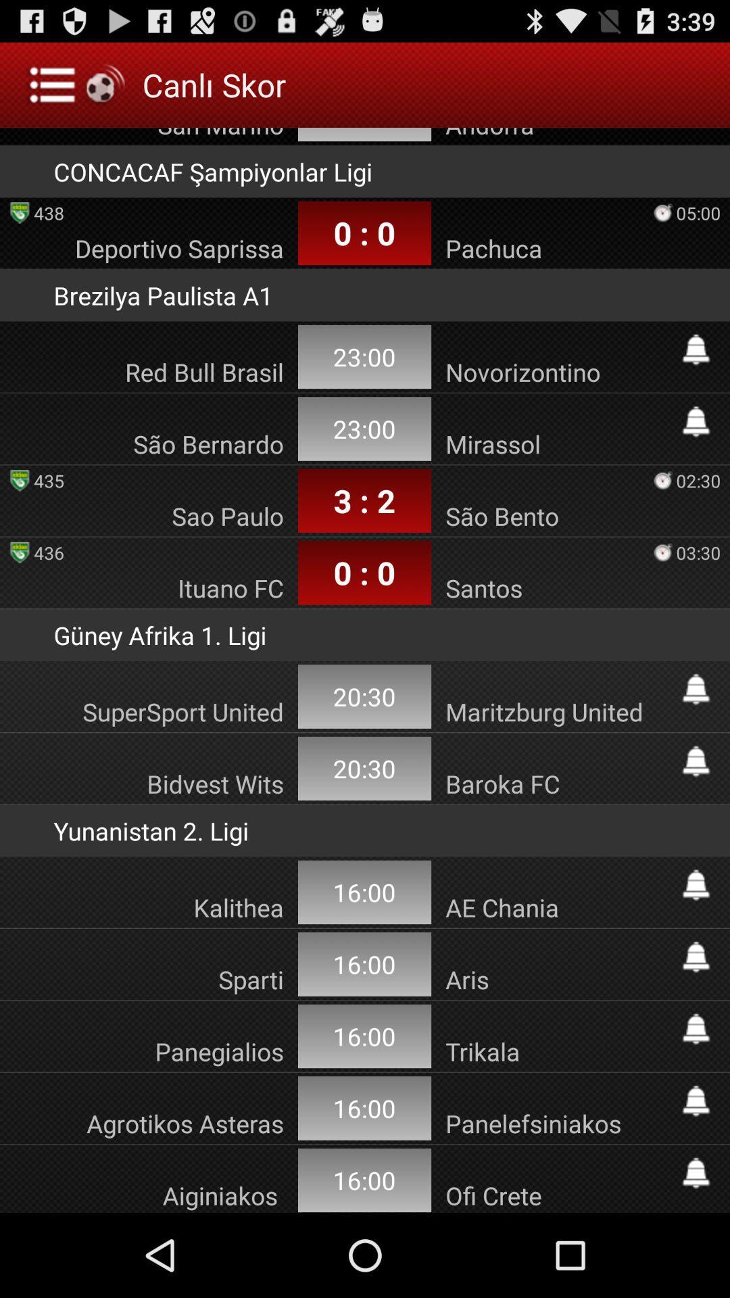  I want to click on turn on notifications, so click(696, 421).